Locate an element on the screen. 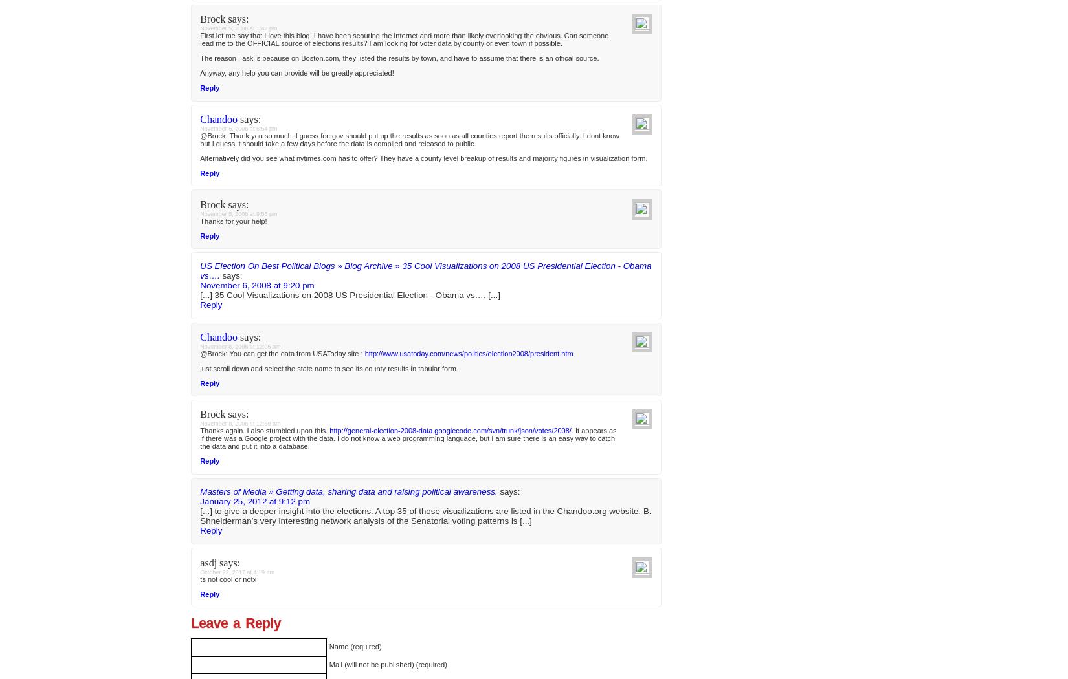 Image resolution: width=1068 pixels, height=679 pixels. 'November 5, 2008 at 9:56 pm' is located at coordinates (238, 656).